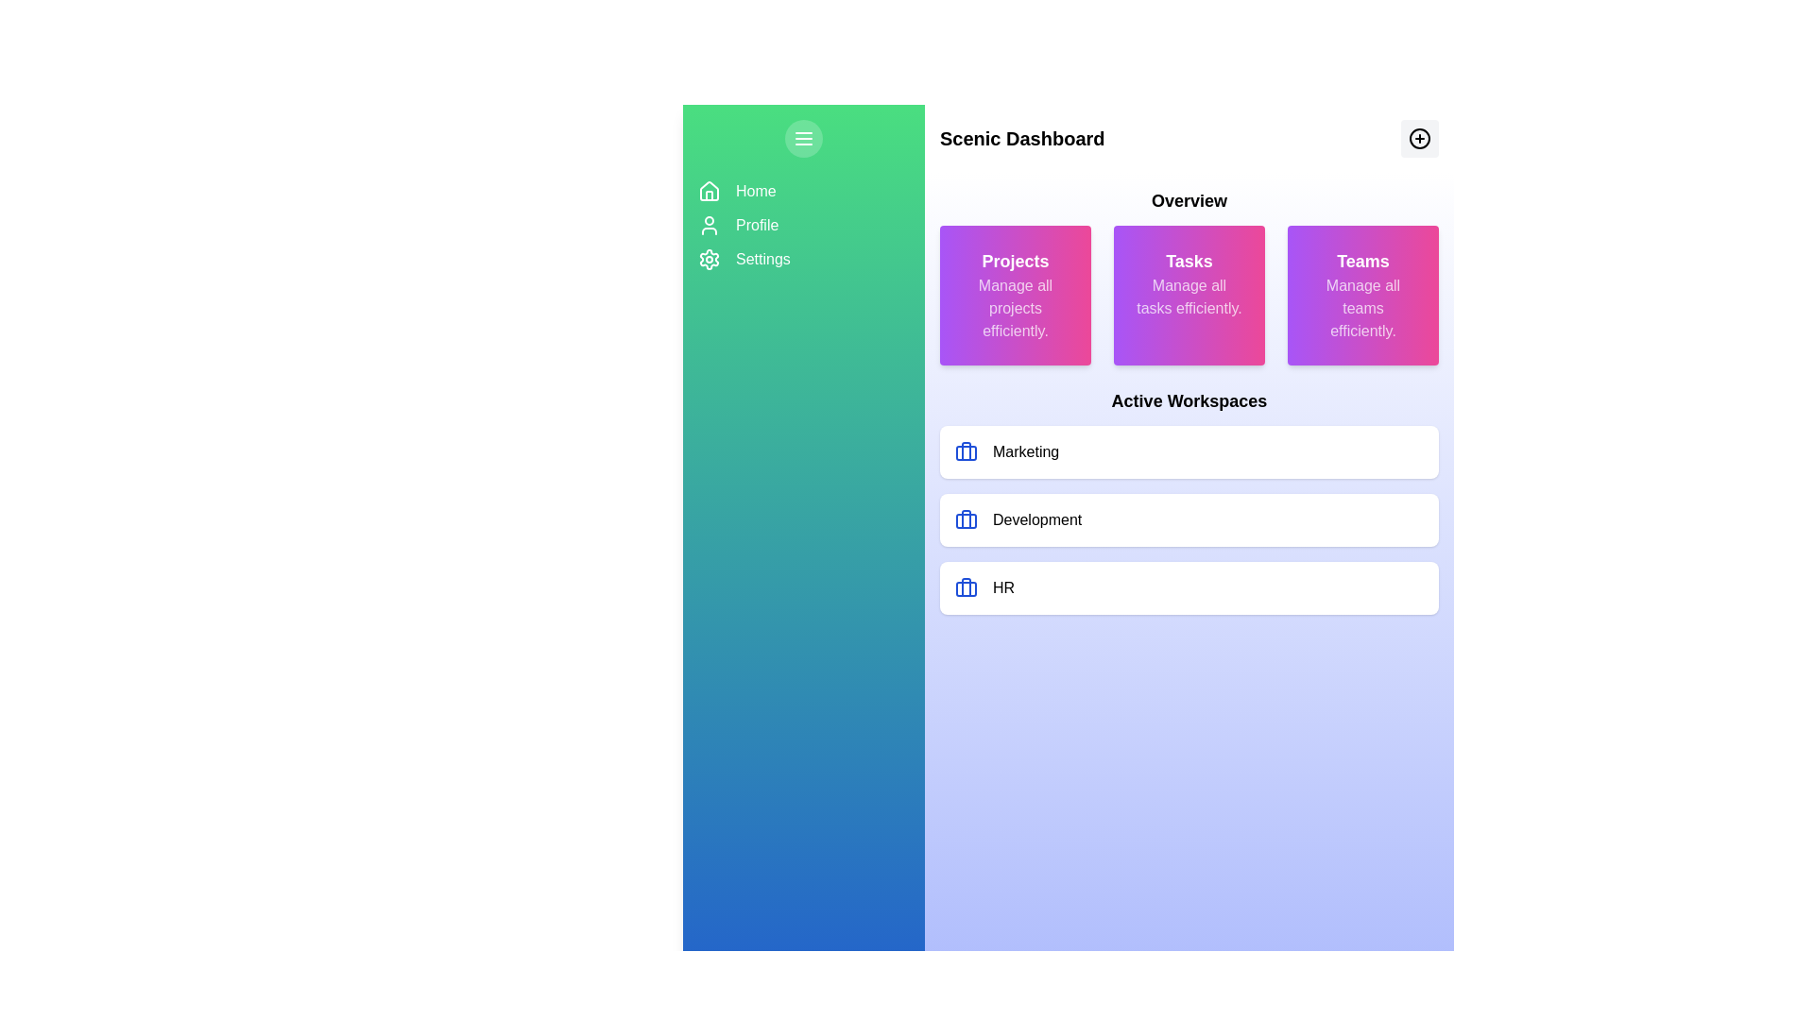 This screenshot has width=1814, height=1020. What do you see at coordinates (1188, 520) in the screenshot?
I see `the 'Development' button, which is a white, rounded rectangle with shadow effects located in the list of 'Active Workspaces'` at bounding box center [1188, 520].